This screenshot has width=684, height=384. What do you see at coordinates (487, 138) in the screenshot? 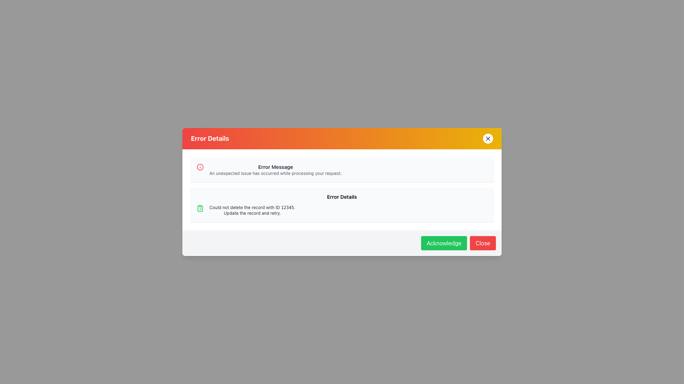
I see `the close button located in the top-right corner of the 'Error Details' modal dialog` at bounding box center [487, 138].